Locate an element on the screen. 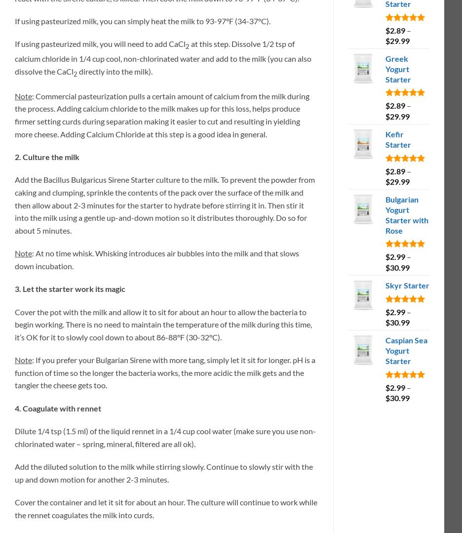 The height and width of the screenshot is (533, 462). 'If using pasteurized milk, you will need to add CaCl' is located at coordinates (100, 43).